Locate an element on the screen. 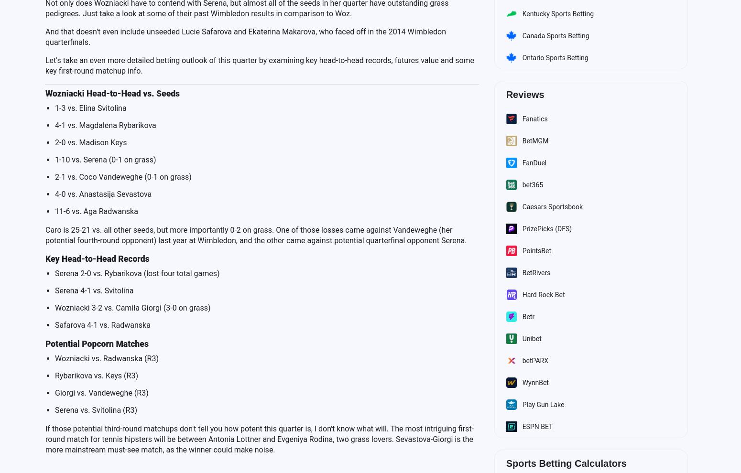  'WynnBet' is located at coordinates (534, 382).